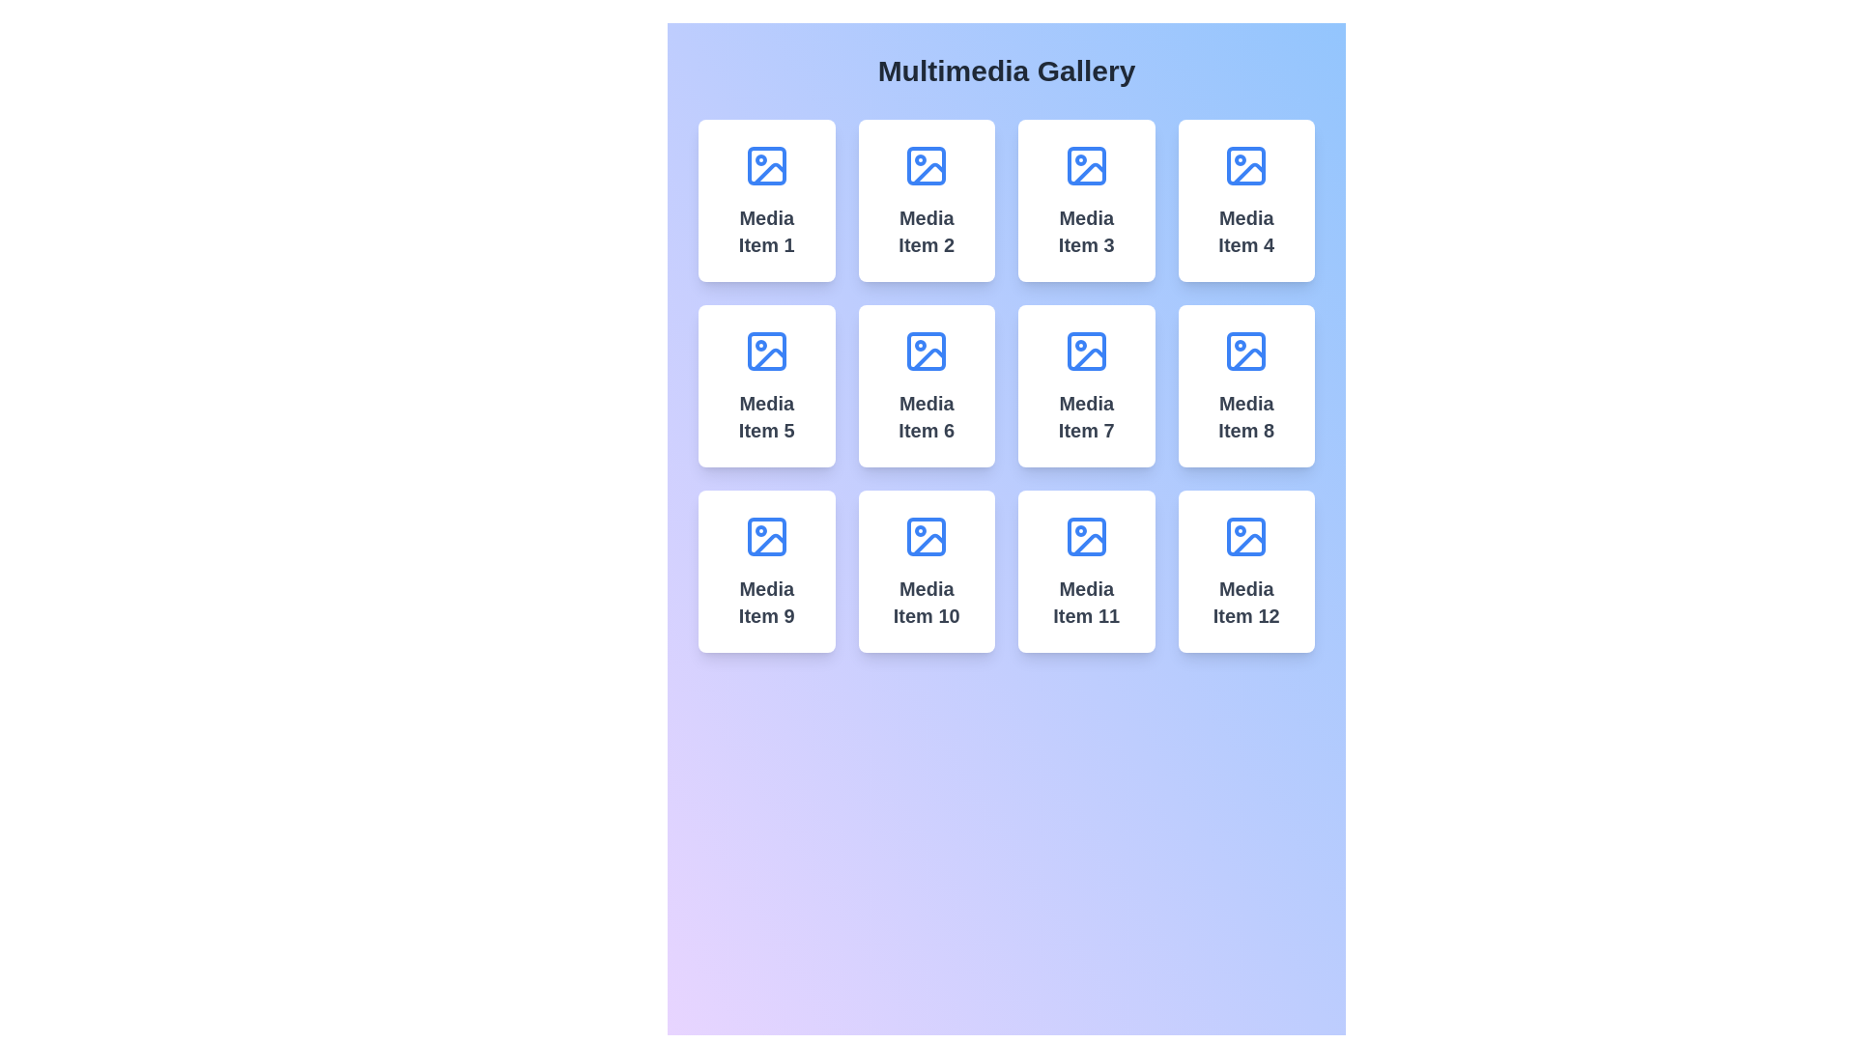 The width and height of the screenshot is (1855, 1043). Describe the element at coordinates (926, 602) in the screenshot. I see `the static text label displaying 'Media Item 10', which is styled in gray, large, and bold font, located in the tenth card of a 4x3 grid layout` at that location.